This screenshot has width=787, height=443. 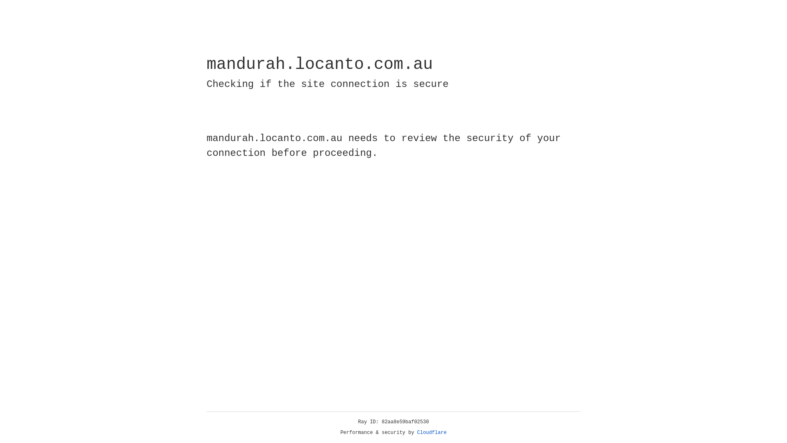 What do you see at coordinates (432, 432) in the screenshot?
I see `'Cloudflare'` at bounding box center [432, 432].